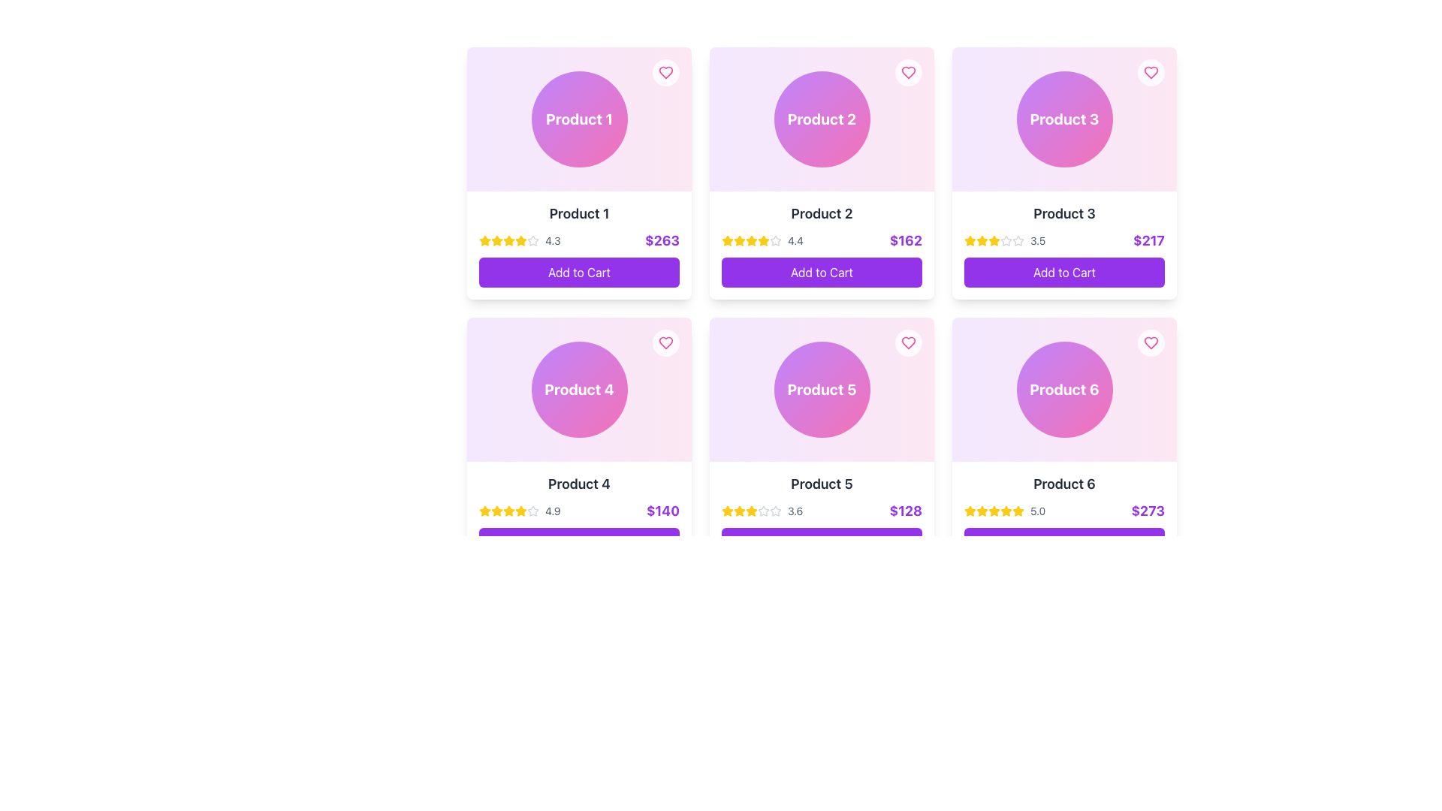 The image size is (1442, 811). What do you see at coordinates (762, 240) in the screenshot?
I see `the third filled star in the star rating system for 'Product 2', which visually indicates the product's rating above the price and 'Add to Cart' button` at bounding box center [762, 240].